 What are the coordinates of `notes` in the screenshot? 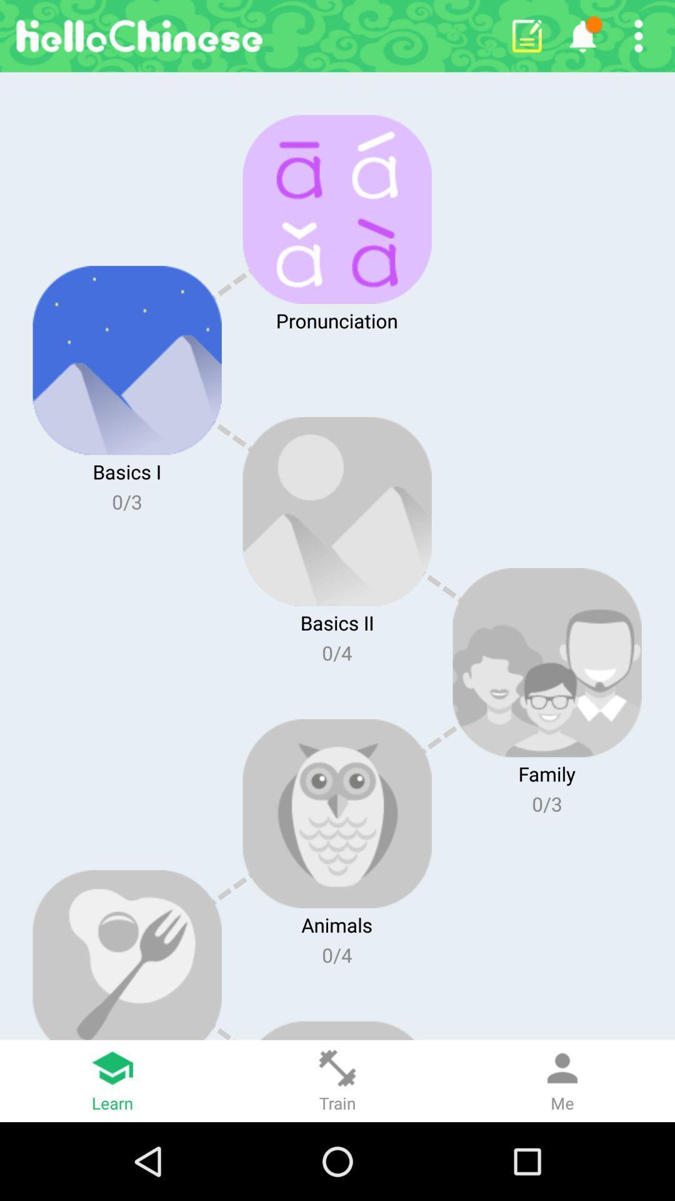 It's located at (527, 36).